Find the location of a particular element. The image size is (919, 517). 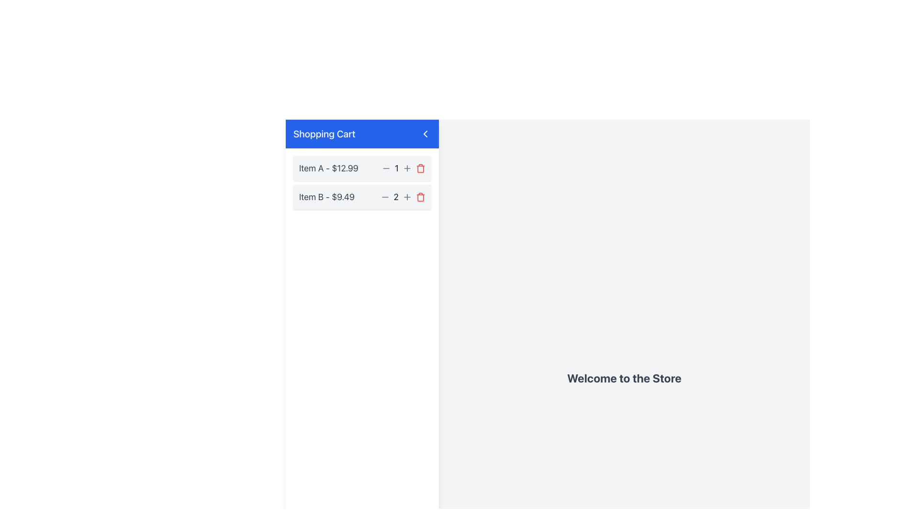

the gray circular button with a plus icon located in the shopping cart interface is located at coordinates (407, 168).